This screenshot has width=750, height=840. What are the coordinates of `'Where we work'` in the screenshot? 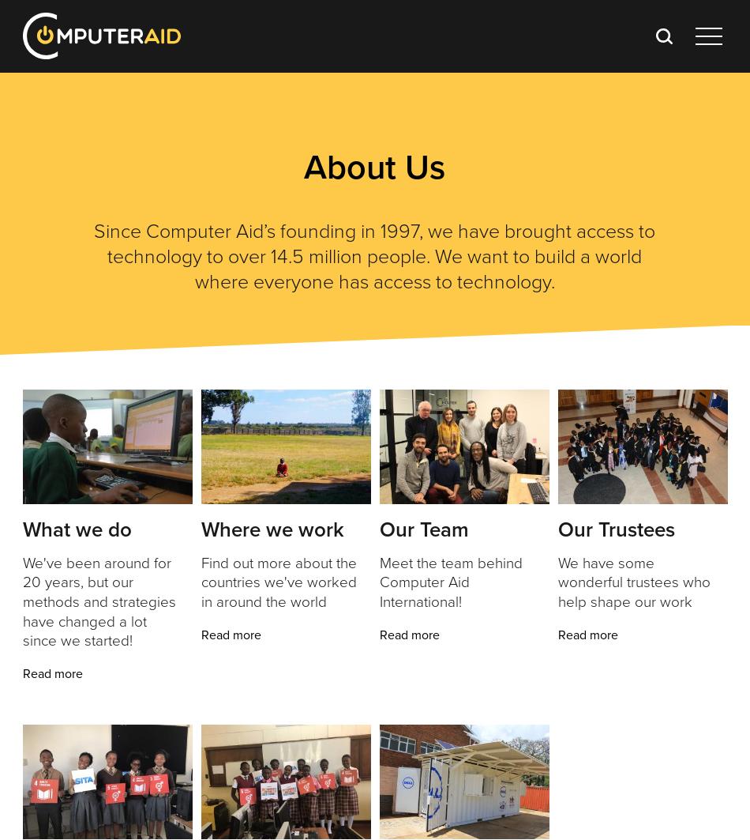 It's located at (271, 528).